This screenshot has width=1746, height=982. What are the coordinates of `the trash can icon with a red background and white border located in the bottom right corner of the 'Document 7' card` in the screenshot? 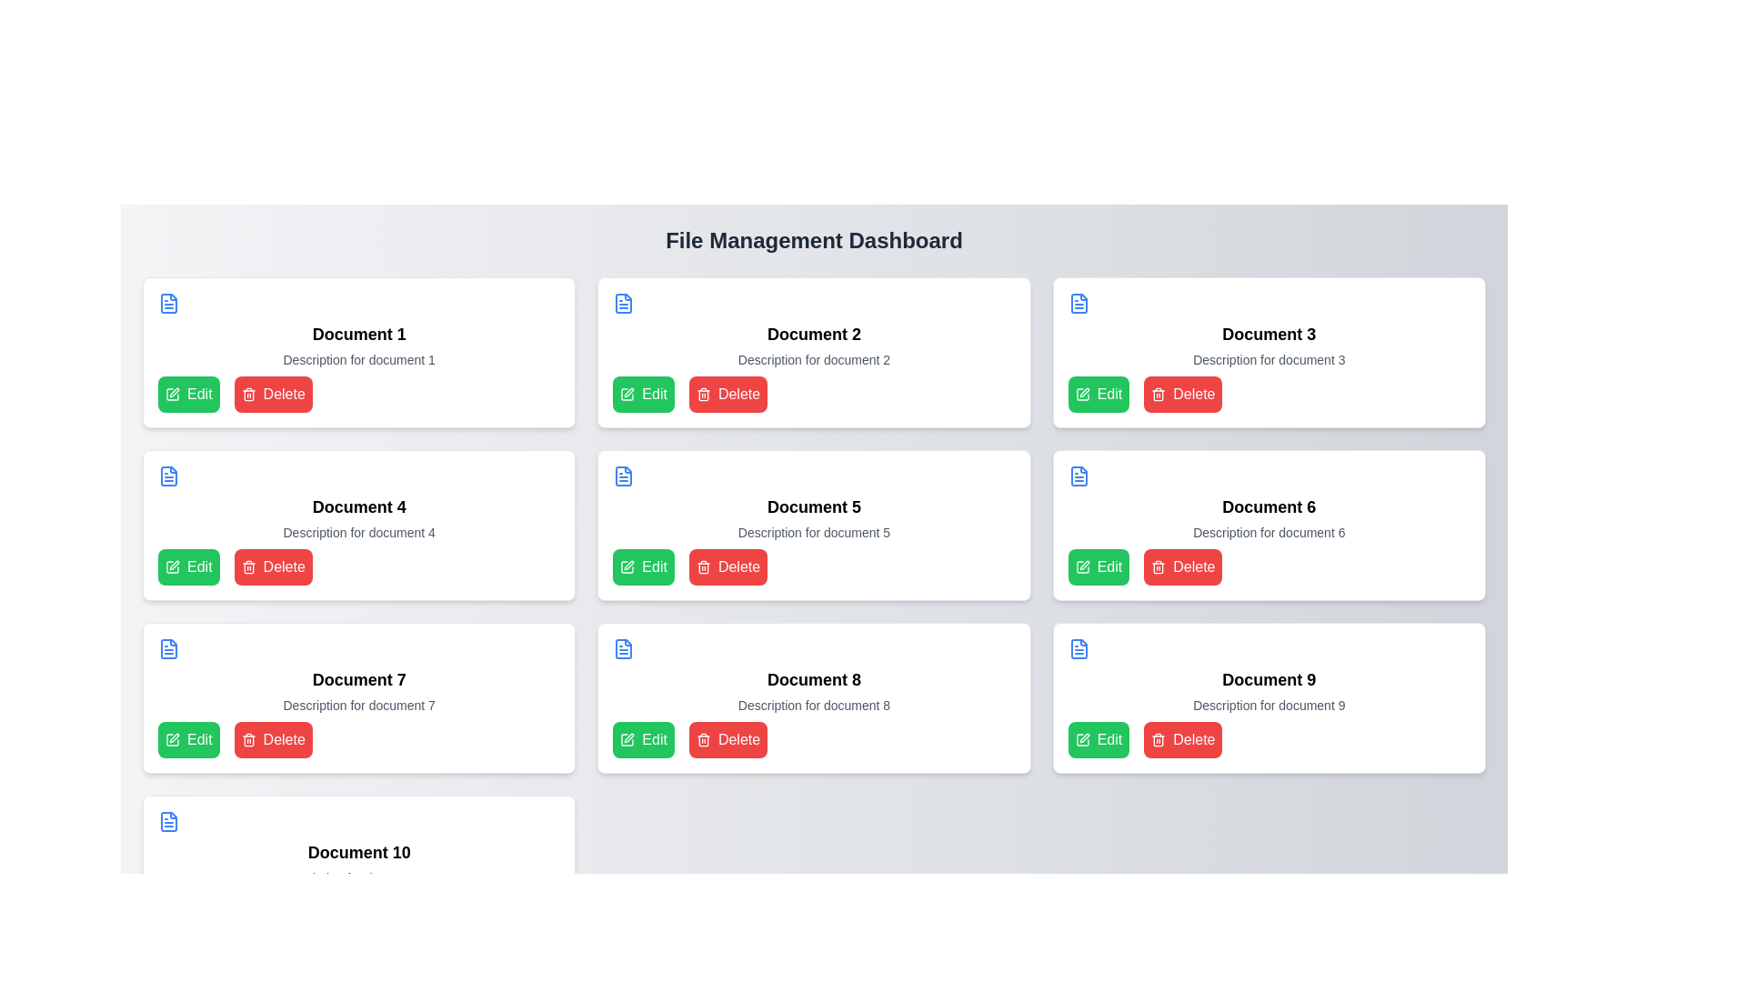 It's located at (247, 739).